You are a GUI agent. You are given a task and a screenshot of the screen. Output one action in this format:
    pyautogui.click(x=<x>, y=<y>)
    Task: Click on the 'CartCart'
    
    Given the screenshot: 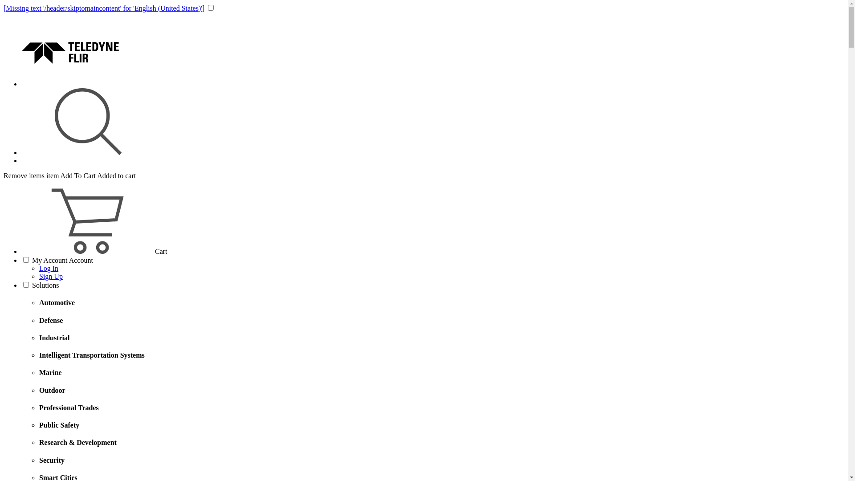 What is the action you would take?
    pyautogui.click(x=94, y=251)
    